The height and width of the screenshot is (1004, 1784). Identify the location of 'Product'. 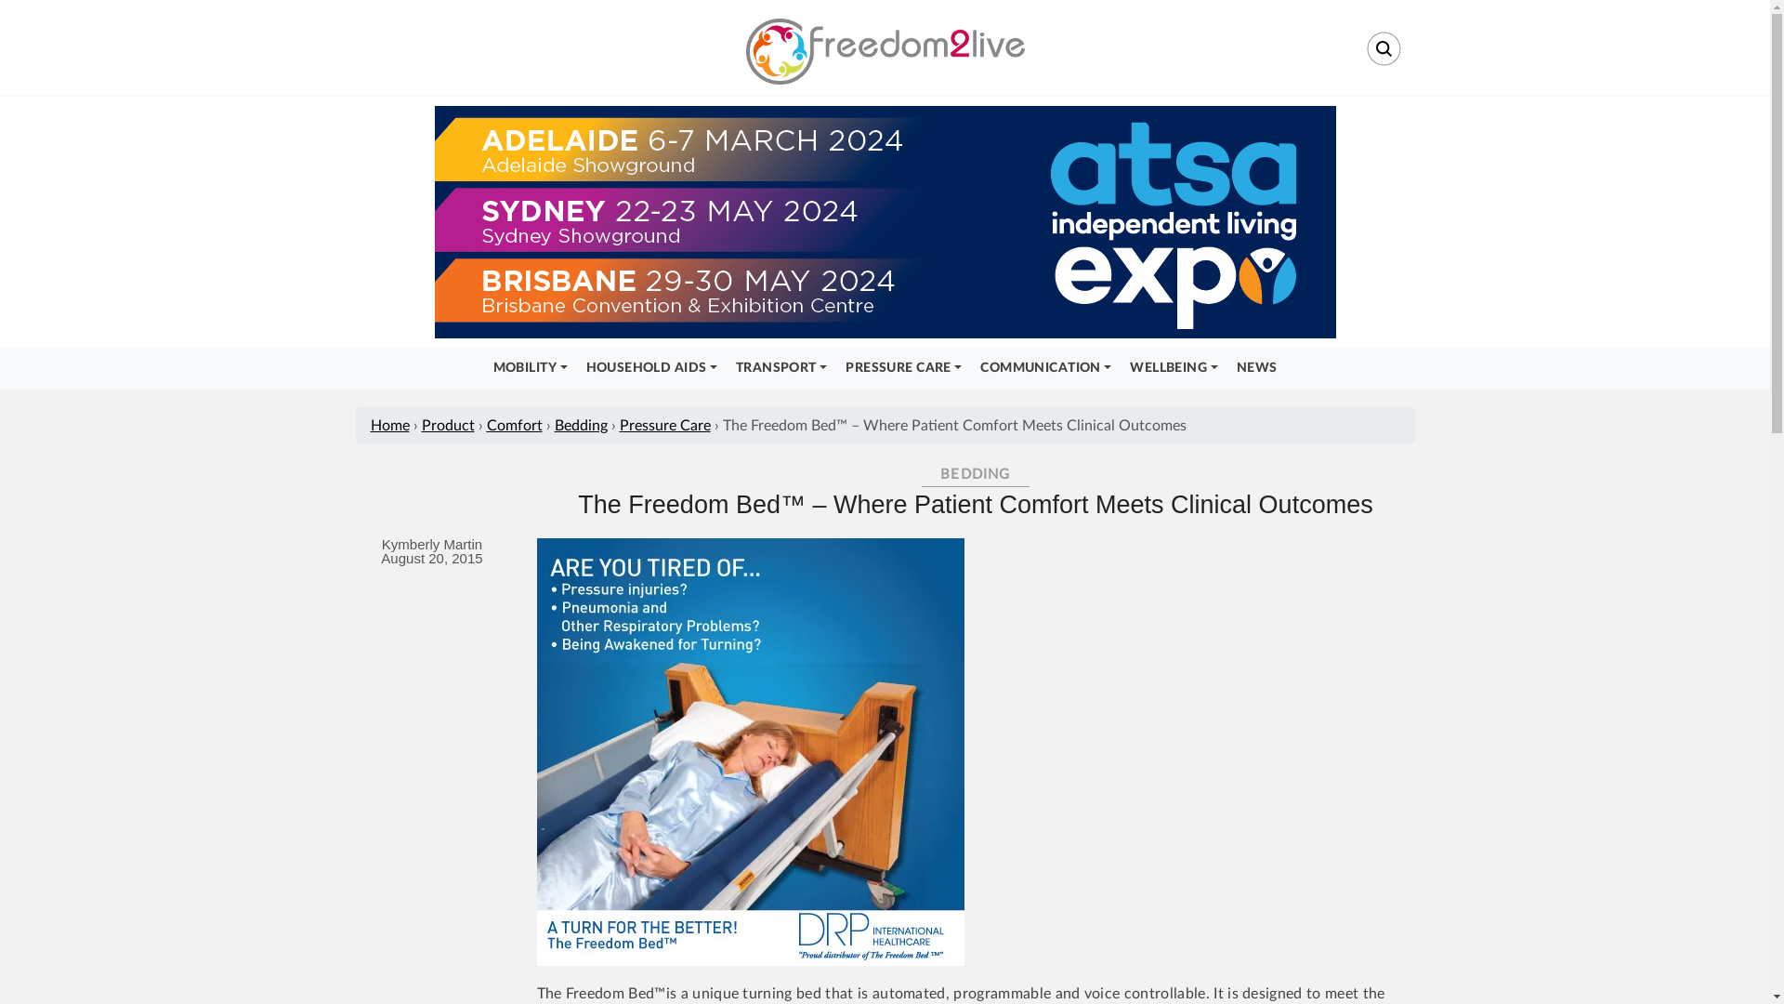
(448, 426).